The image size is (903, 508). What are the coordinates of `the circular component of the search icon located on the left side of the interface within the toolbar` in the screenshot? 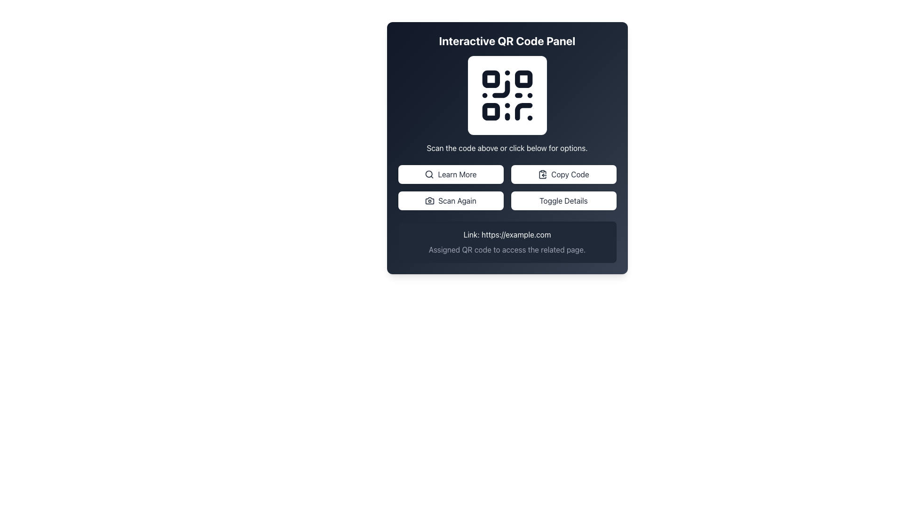 It's located at (428, 174).